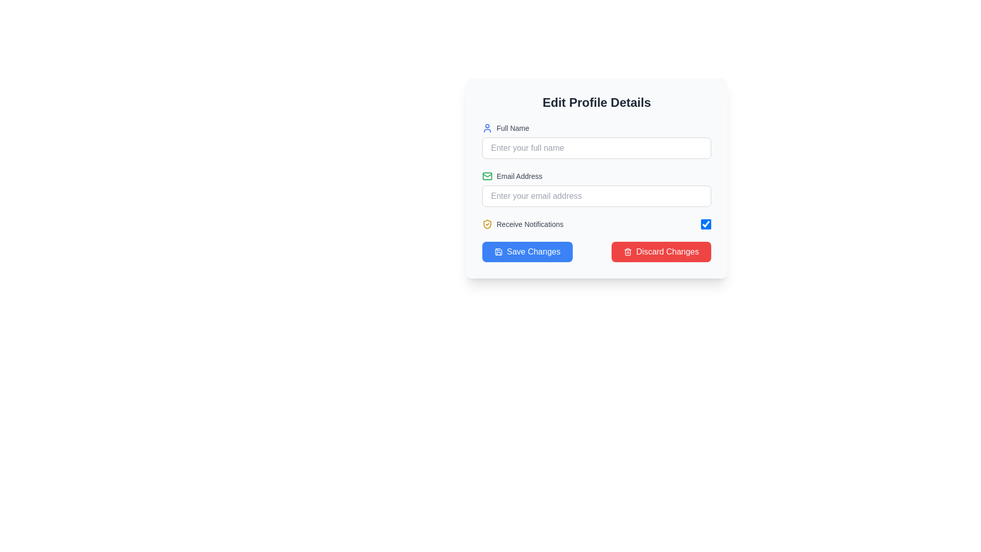 The height and width of the screenshot is (552, 981). I want to click on the discard changes button located at the bottom-right corner of the form, next to the blue 'Save Changes' button, so click(661, 252).